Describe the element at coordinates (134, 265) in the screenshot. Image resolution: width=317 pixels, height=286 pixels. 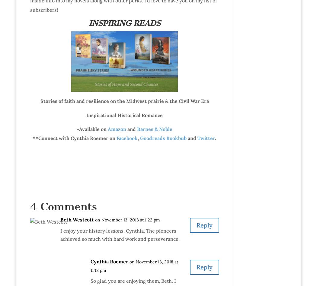
I see `'on November 13, 2018 at 11:18 pm'` at that location.